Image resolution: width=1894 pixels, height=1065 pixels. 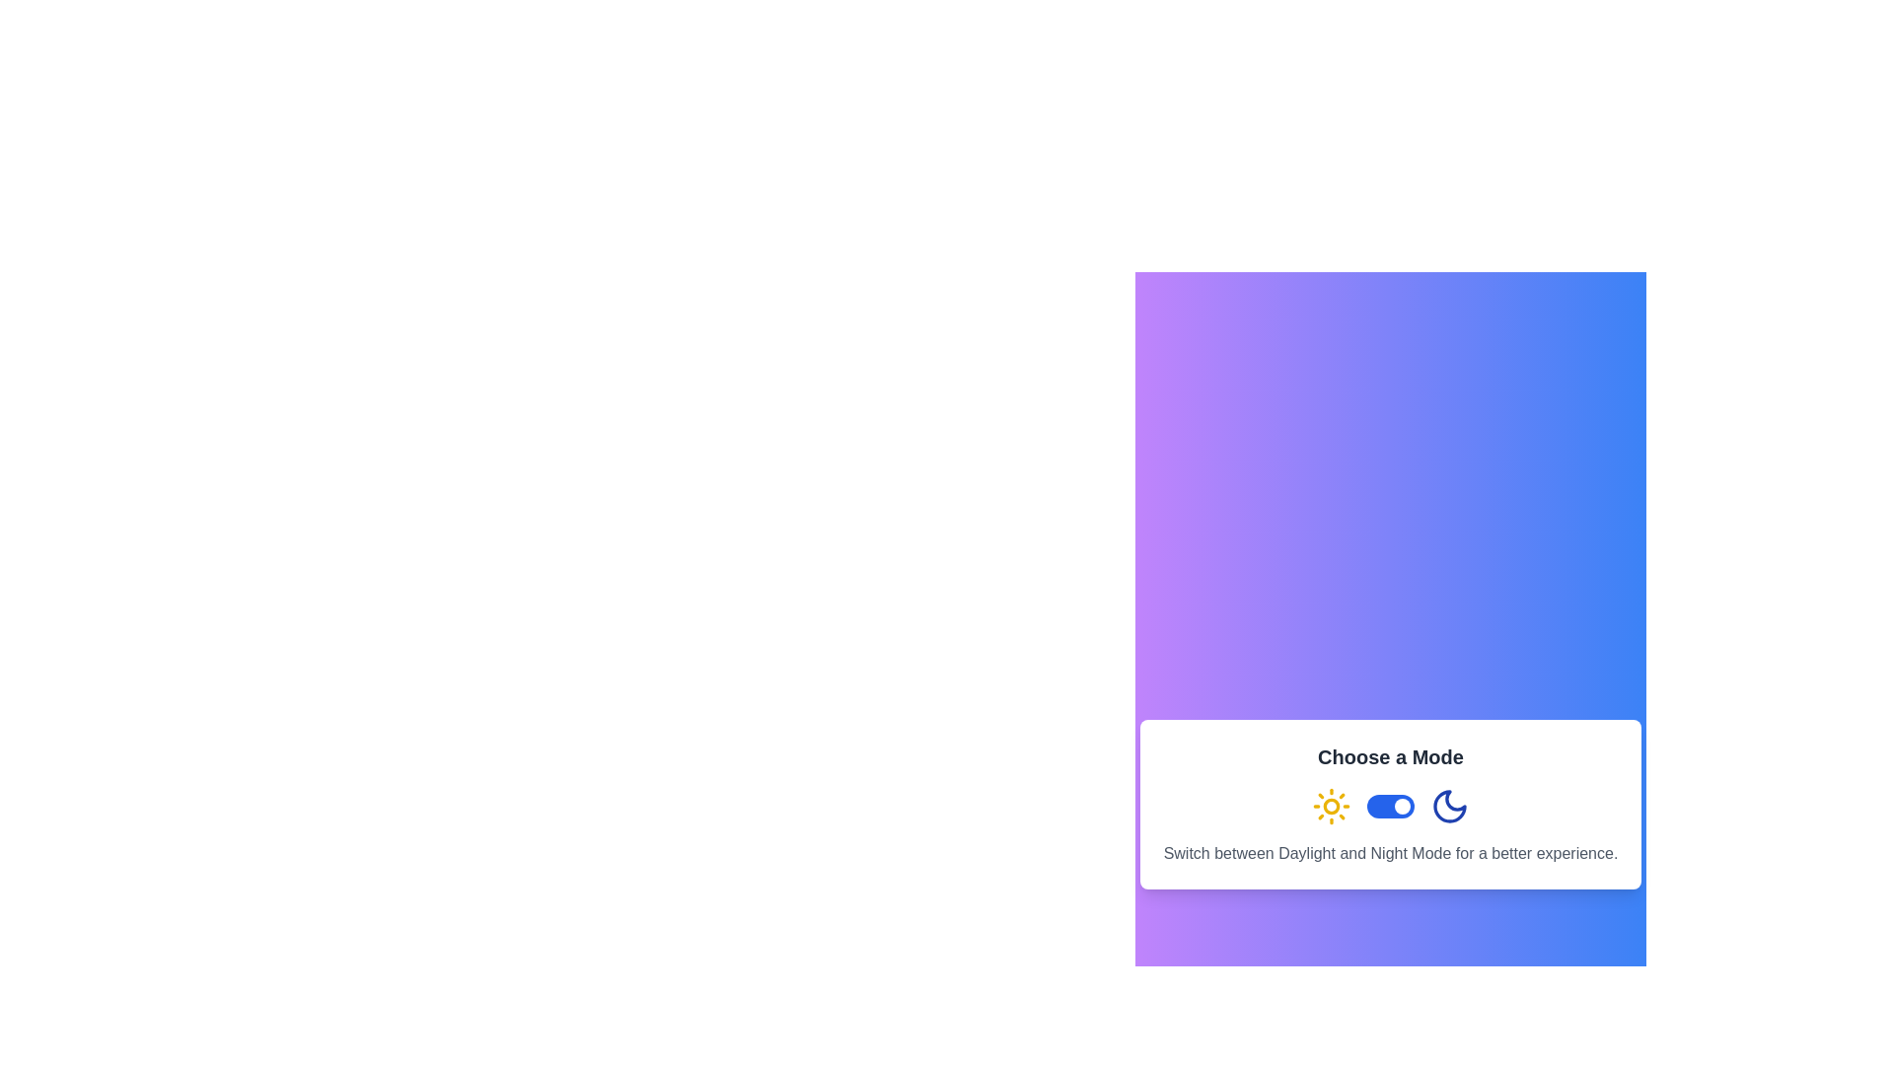 I want to click on the circular icon component located at the center of the sun icon within the 'Choose a Mode' interface section, so click(x=1331, y=806).